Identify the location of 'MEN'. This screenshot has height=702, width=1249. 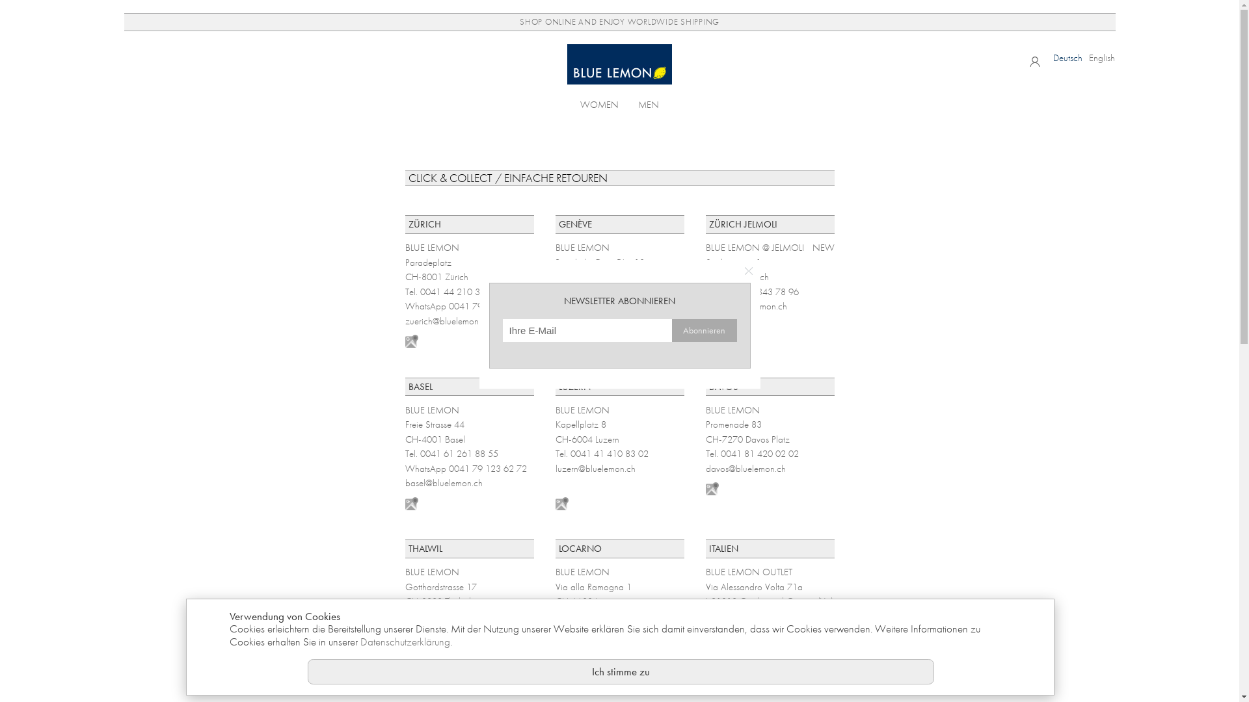
(649, 103).